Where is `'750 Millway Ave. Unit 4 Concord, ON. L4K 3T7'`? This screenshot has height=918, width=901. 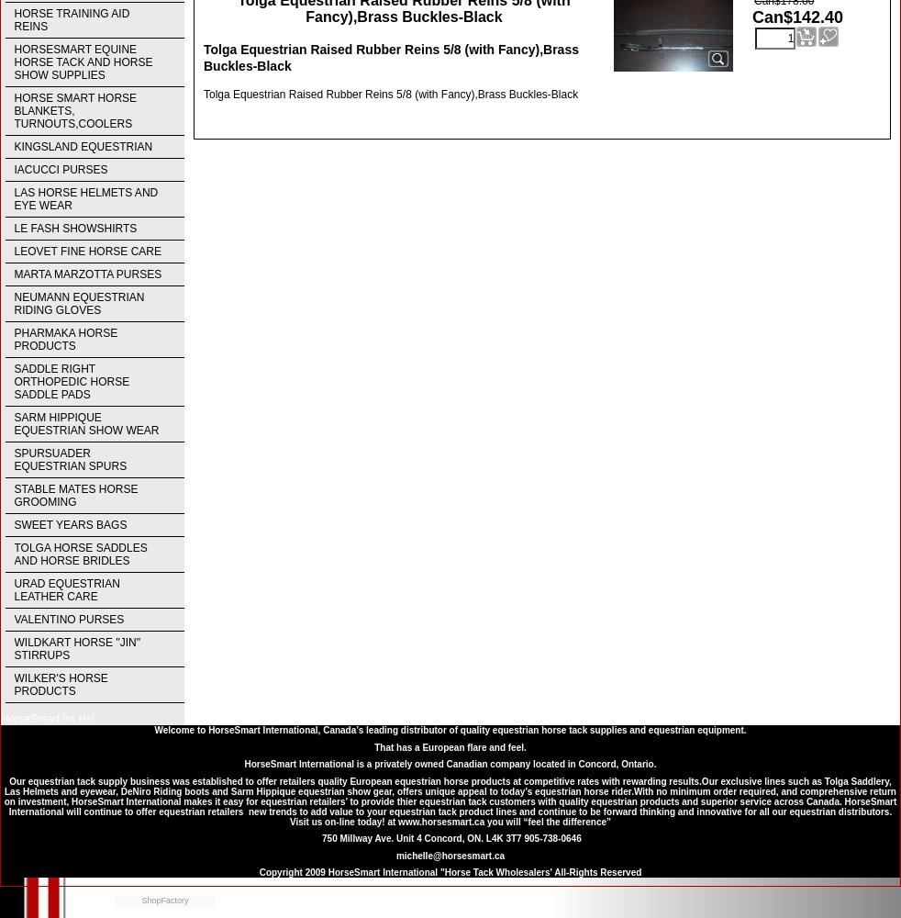 '750 Millway Ave. Unit 4 Concord, ON. L4K 3T7' is located at coordinates (319, 838).